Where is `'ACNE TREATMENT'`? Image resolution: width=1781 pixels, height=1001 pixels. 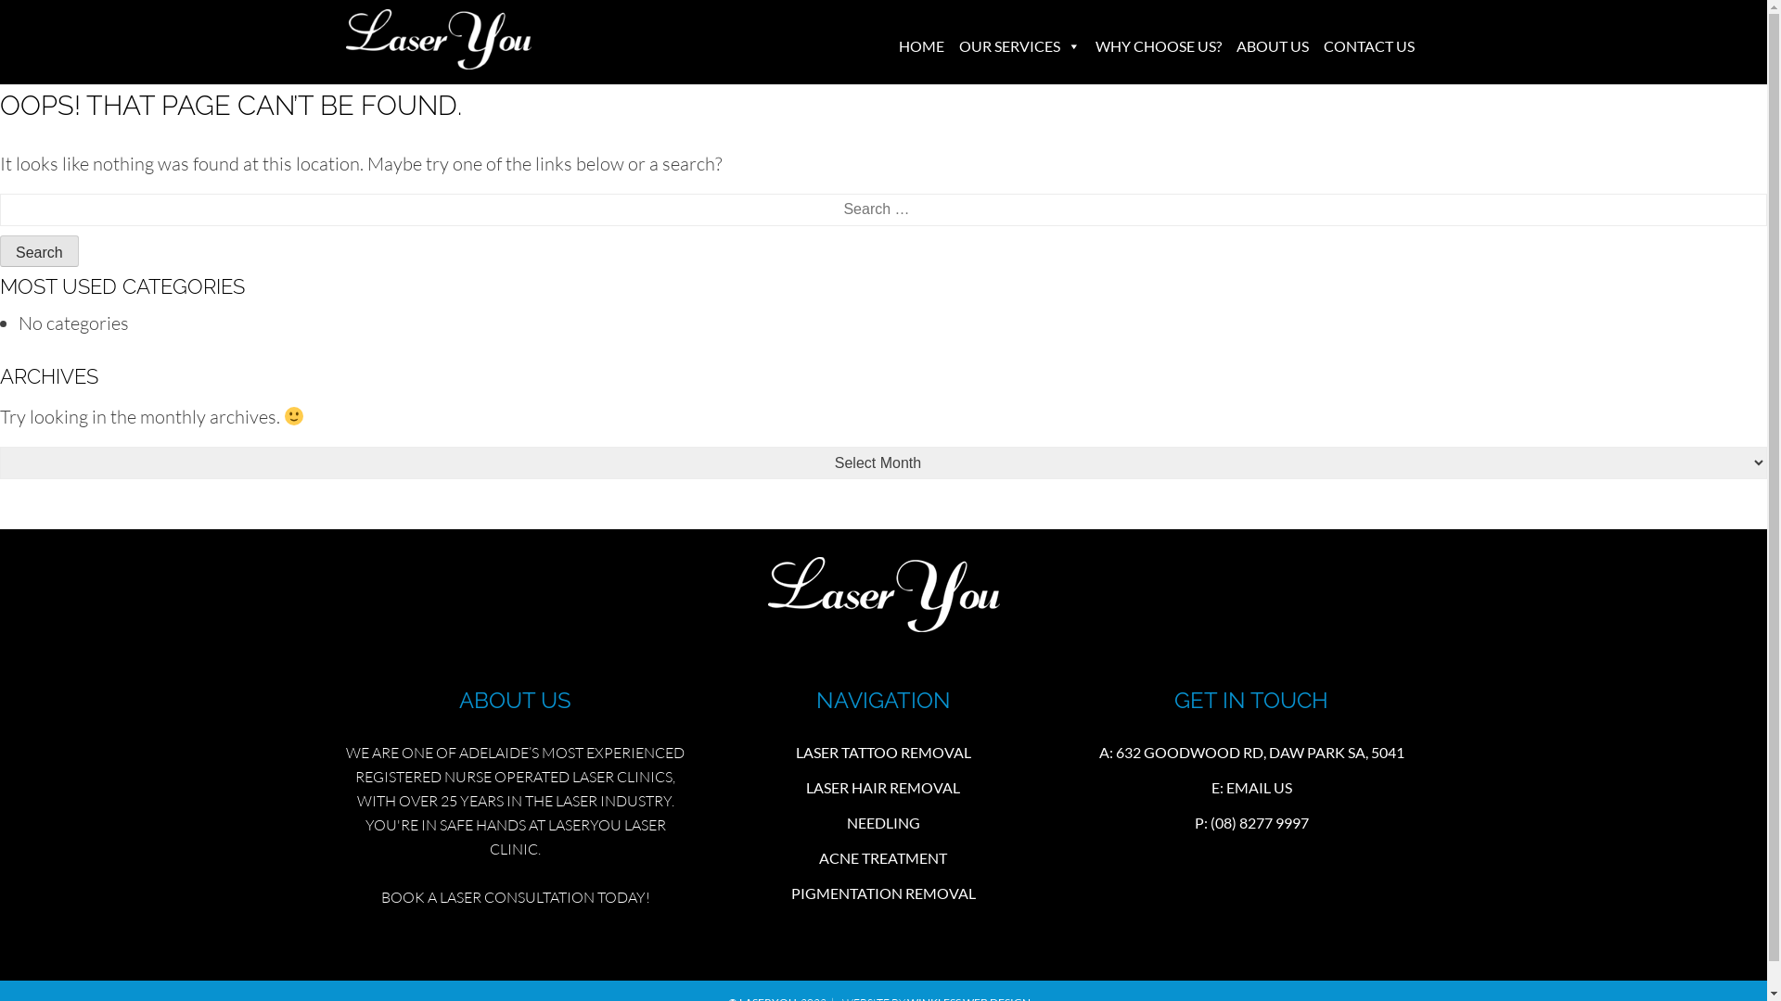 'ACNE TREATMENT' is located at coordinates (881, 857).